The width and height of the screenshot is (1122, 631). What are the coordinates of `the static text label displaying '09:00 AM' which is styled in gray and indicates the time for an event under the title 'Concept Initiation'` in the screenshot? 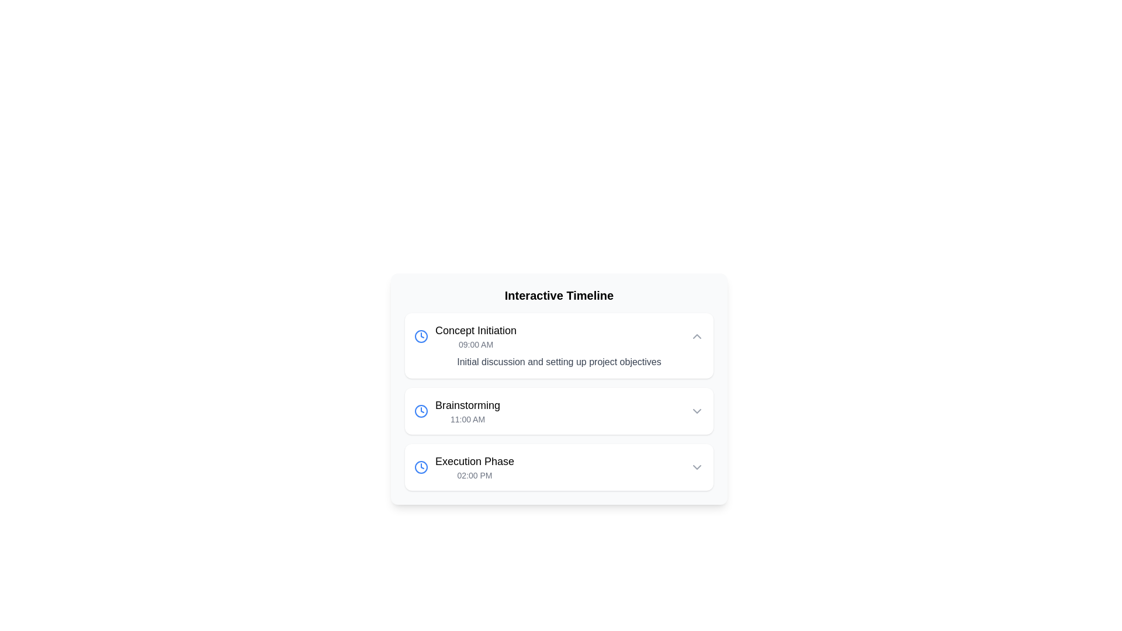 It's located at (476, 344).